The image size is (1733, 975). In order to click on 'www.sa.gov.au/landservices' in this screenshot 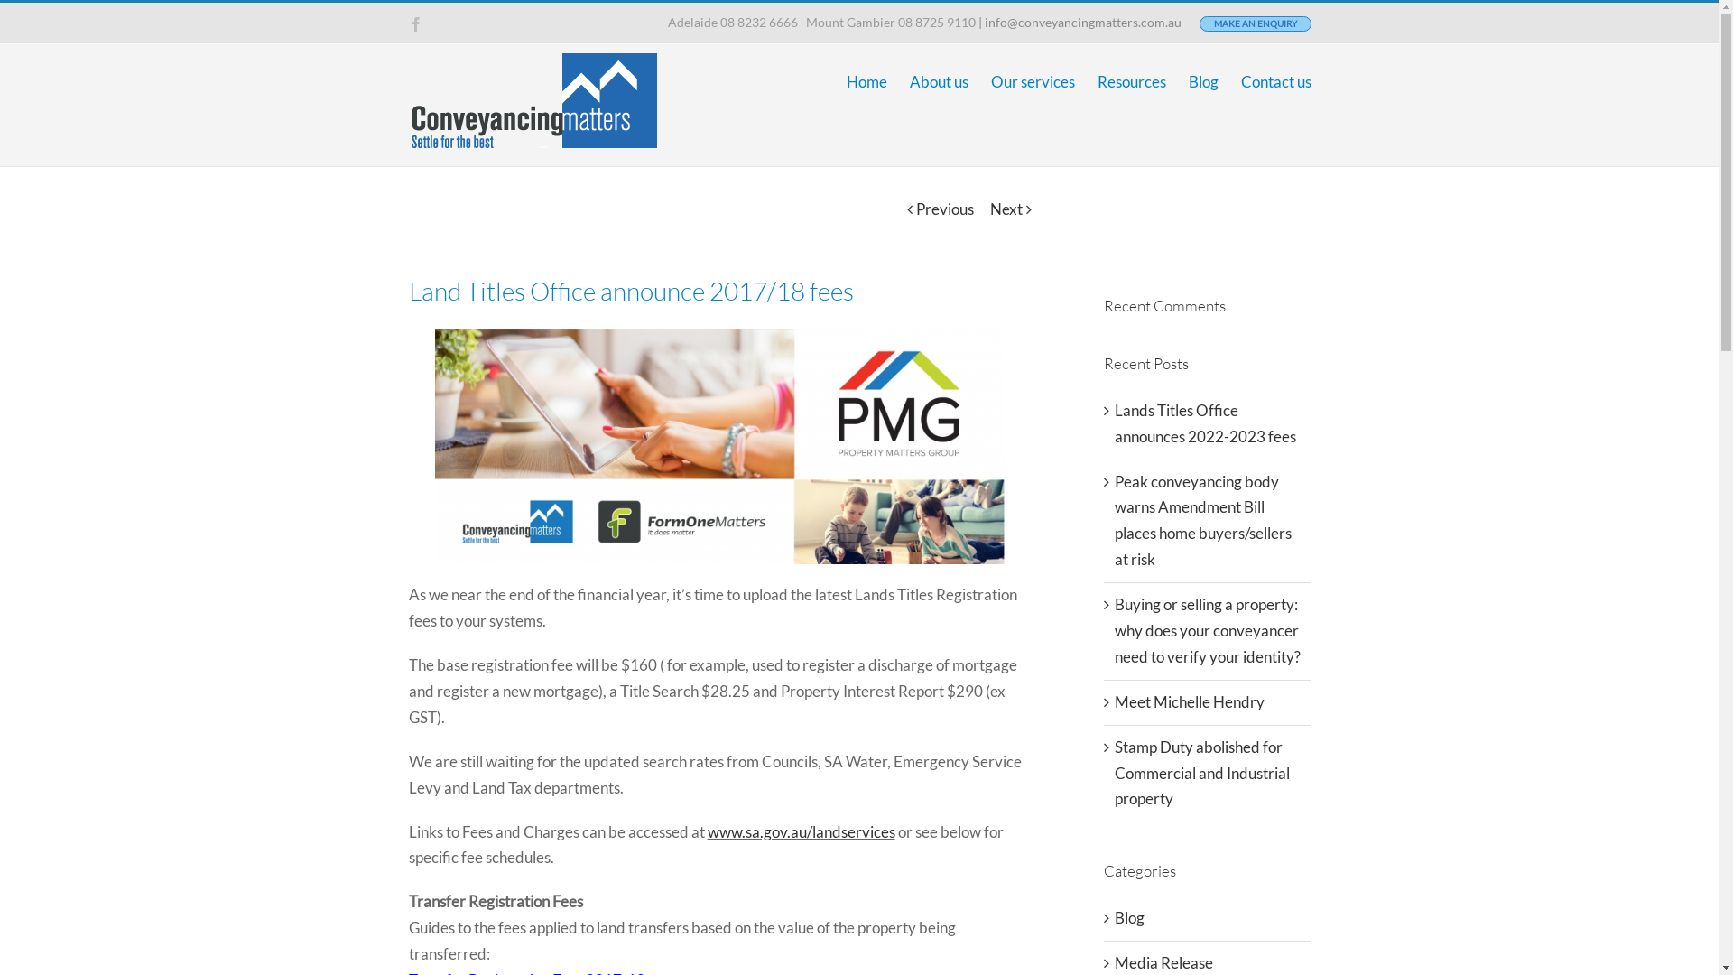, I will do `click(801, 831)`.